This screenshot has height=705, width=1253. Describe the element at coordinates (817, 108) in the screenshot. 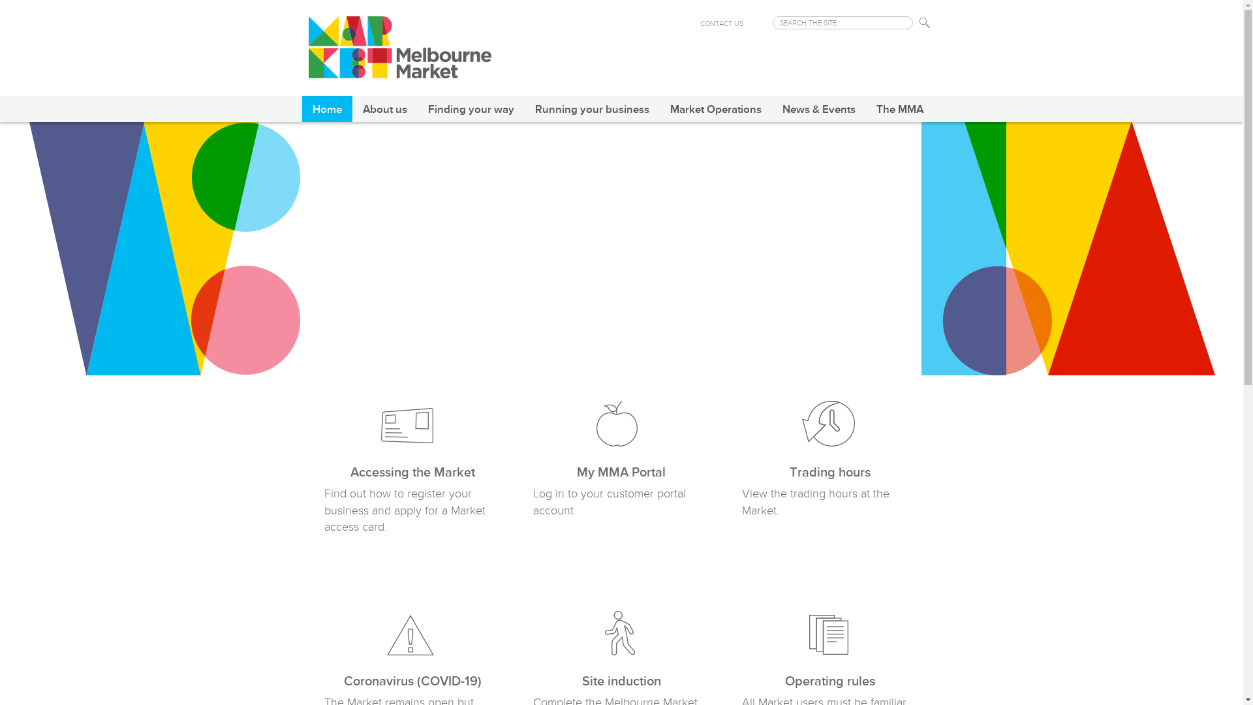

I see `'News & Events'` at that location.